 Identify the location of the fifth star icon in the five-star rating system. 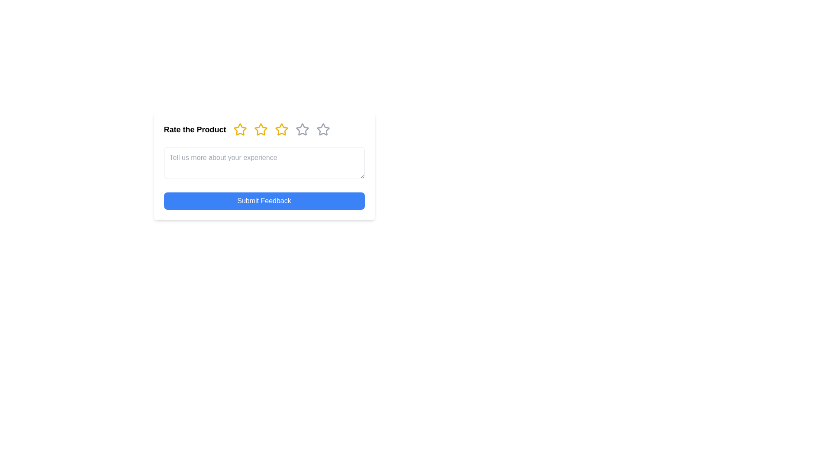
(322, 129).